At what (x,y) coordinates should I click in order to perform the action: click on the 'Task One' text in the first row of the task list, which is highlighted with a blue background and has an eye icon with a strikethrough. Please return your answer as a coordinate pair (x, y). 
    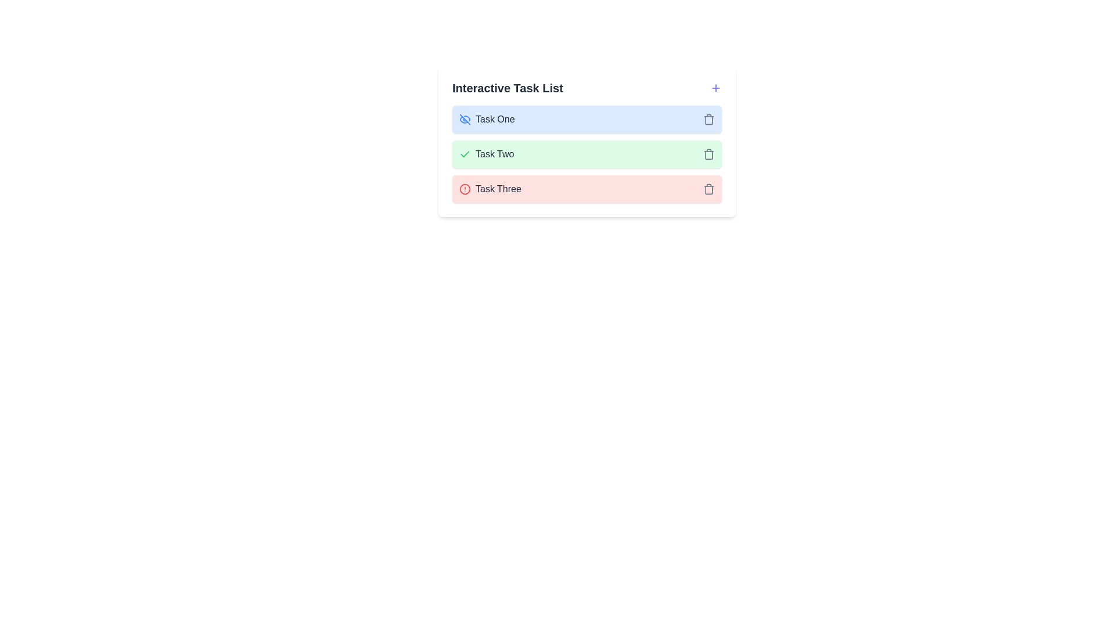
    Looking at the image, I should click on (487, 119).